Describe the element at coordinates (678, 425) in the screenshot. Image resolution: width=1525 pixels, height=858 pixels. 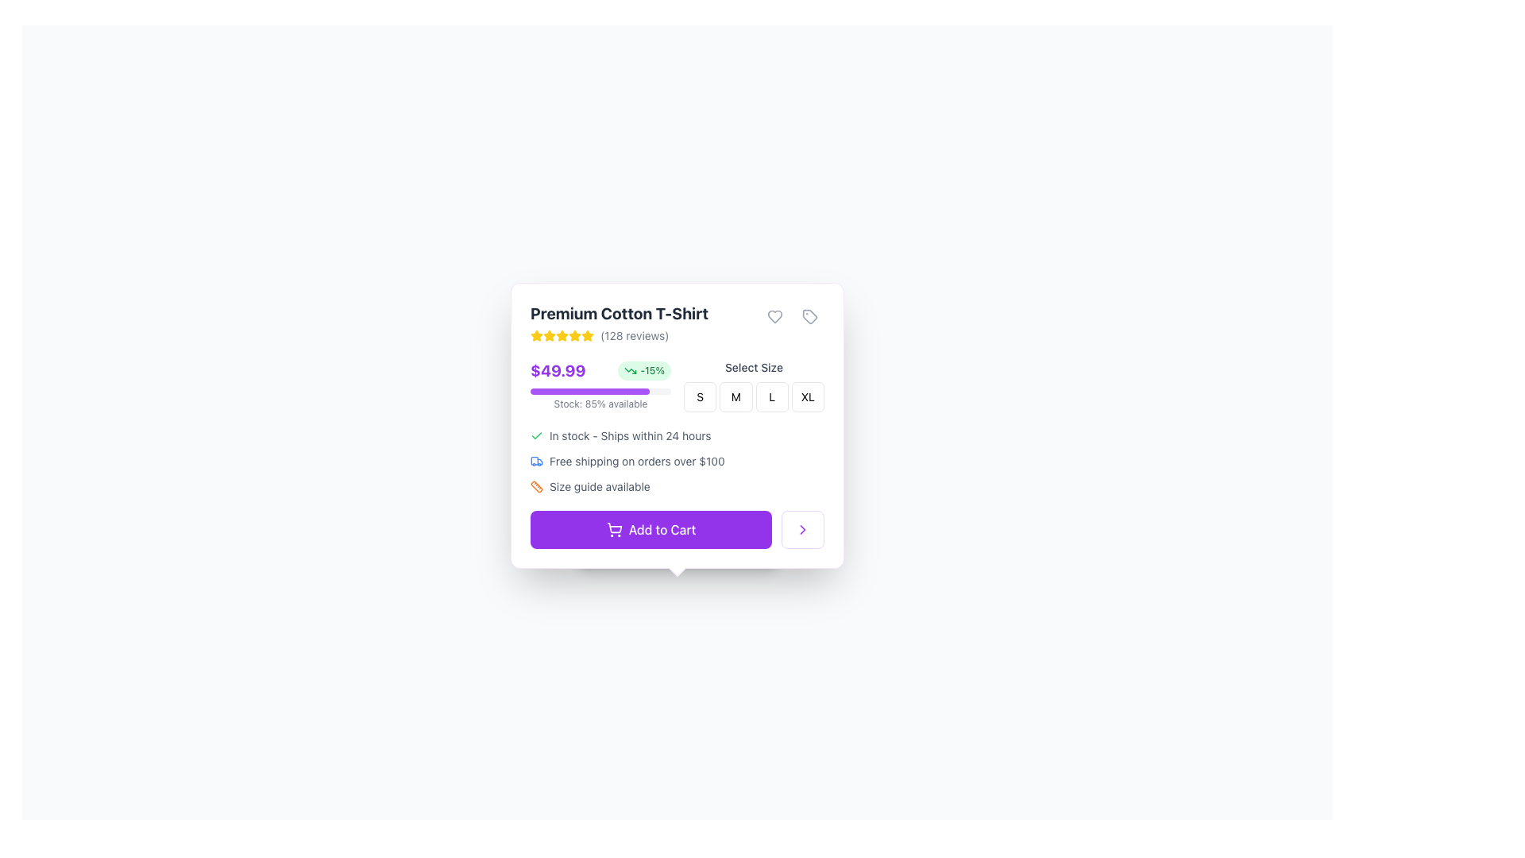
I see `the 'size guide' or 'free shipping info' link within the Product Information Card, which displays essential product details and action buttons` at that location.